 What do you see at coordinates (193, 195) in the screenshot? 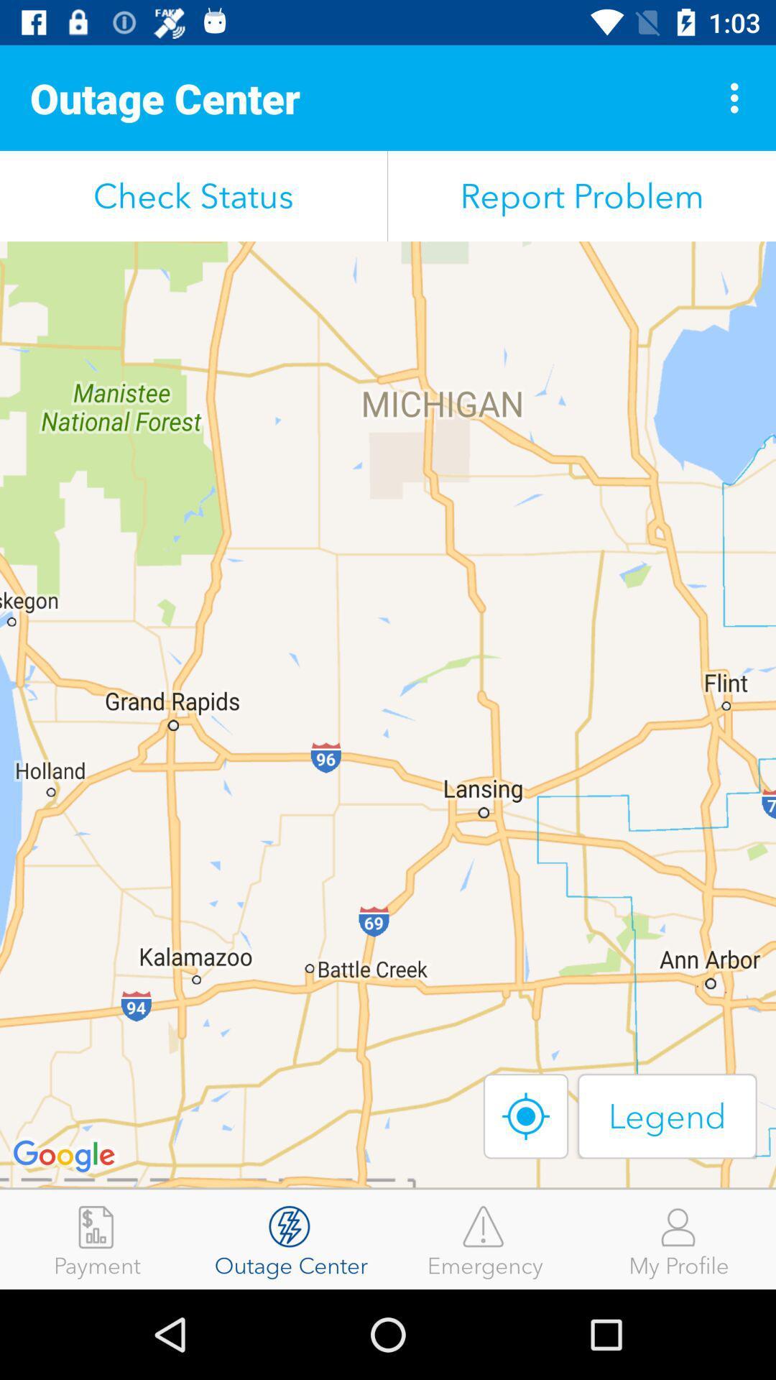
I see `icon below outage center item` at bounding box center [193, 195].